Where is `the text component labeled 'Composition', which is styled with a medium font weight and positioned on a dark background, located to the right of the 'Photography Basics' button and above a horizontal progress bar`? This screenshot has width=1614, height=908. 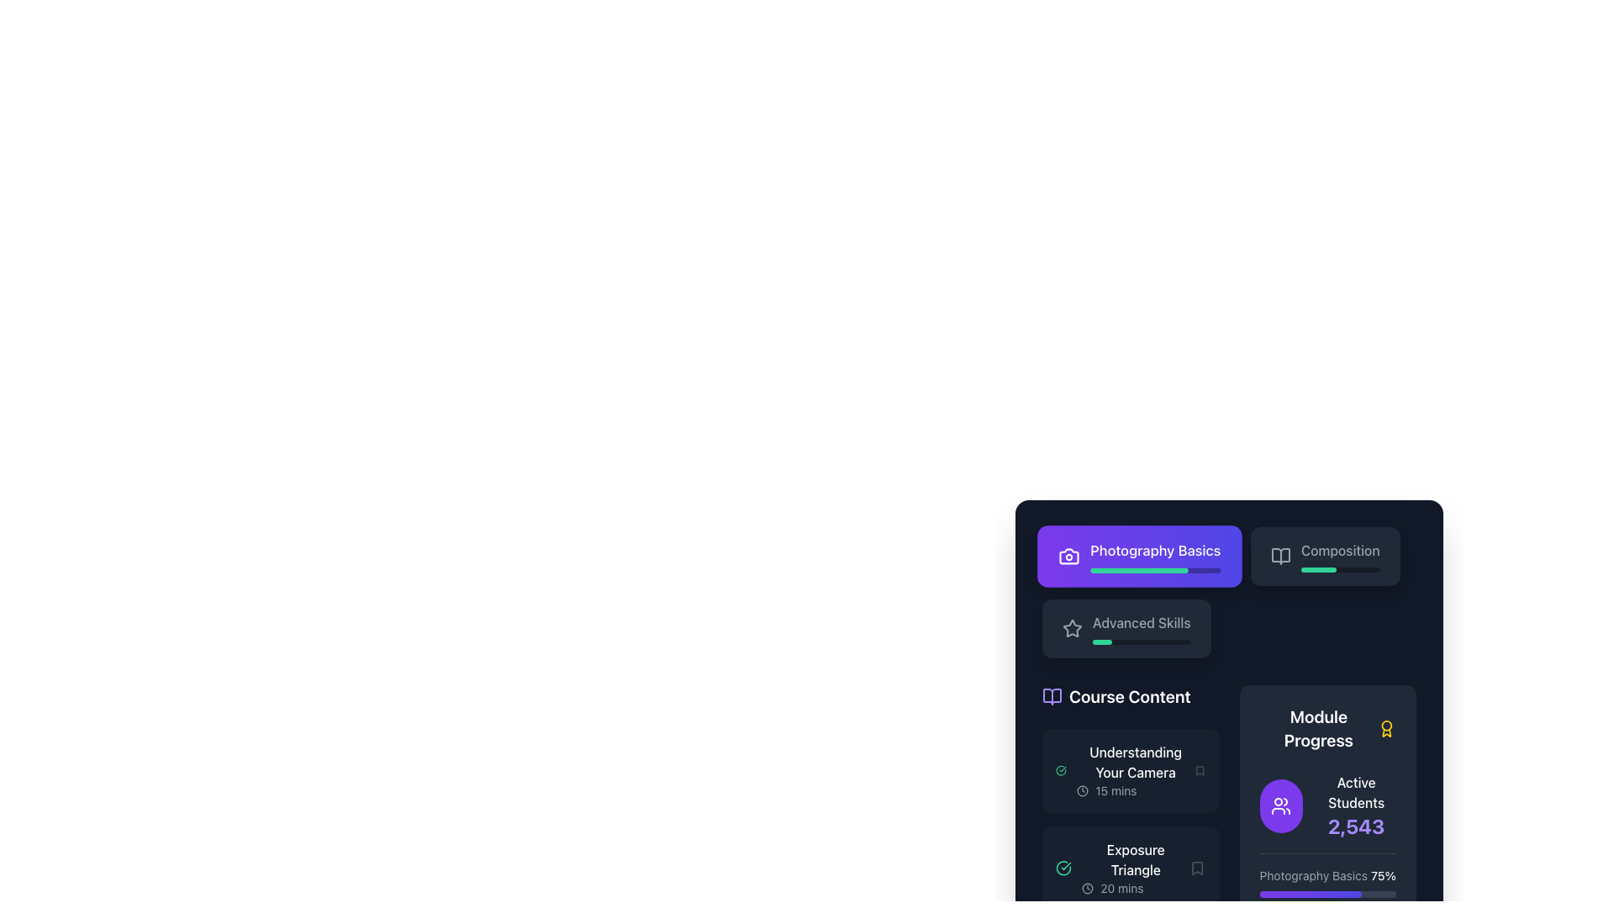
the text component labeled 'Composition', which is styled with a medium font weight and positioned on a dark background, located to the right of the 'Photography Basics' button and above a horizontal progress bar is located at coordinates (1339, 551).